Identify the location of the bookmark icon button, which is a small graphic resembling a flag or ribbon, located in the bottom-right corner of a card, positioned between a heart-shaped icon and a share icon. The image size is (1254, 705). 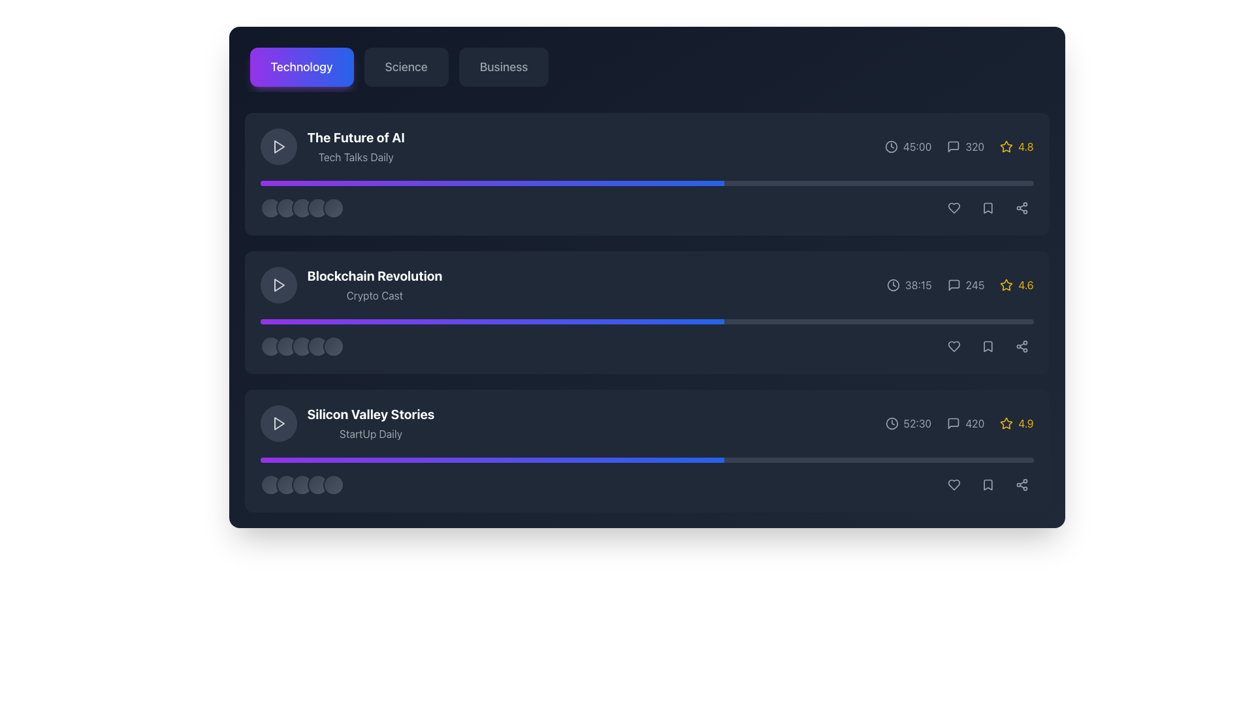
(988, 485).